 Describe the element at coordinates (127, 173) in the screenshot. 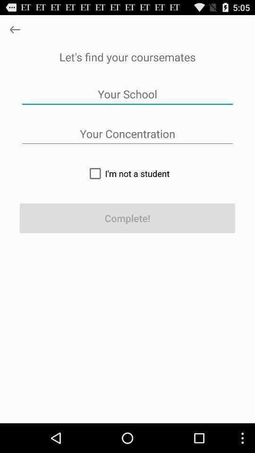

I see `the i m not icon` at that location.